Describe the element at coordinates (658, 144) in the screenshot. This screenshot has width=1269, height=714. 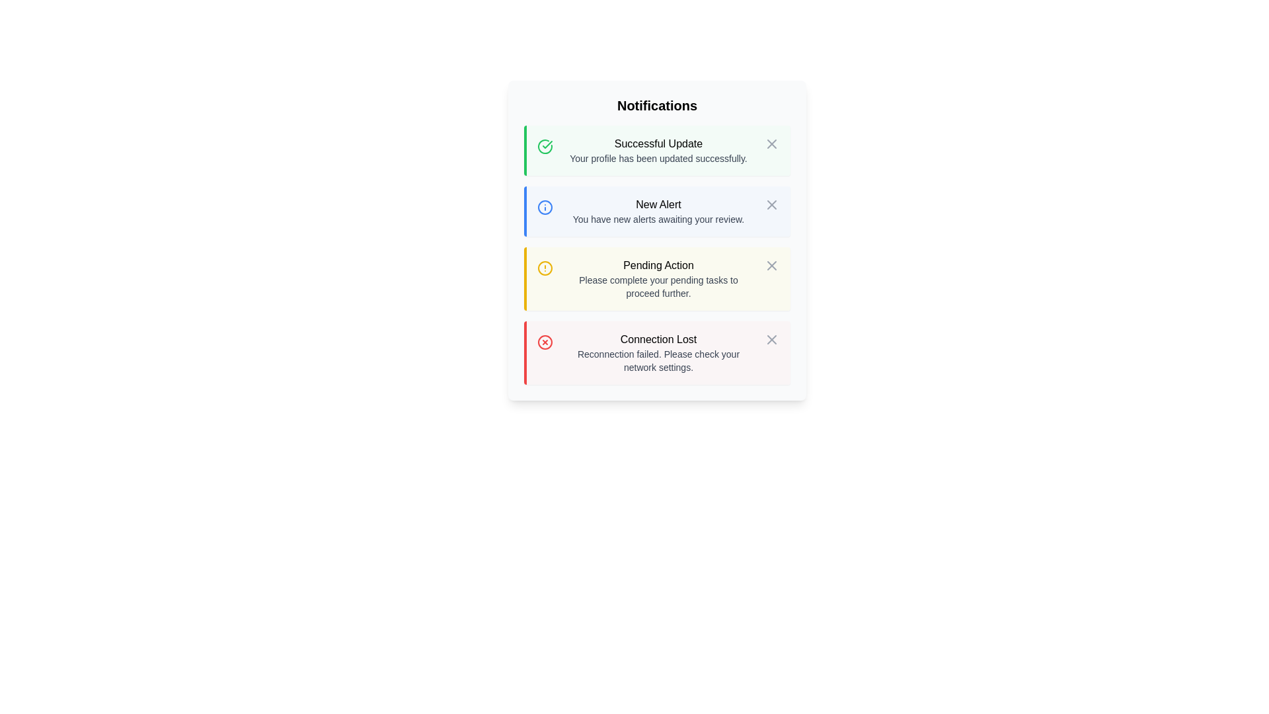
I see `the success notification title text label that informs the user their profile update has been successfully completed` at that location.